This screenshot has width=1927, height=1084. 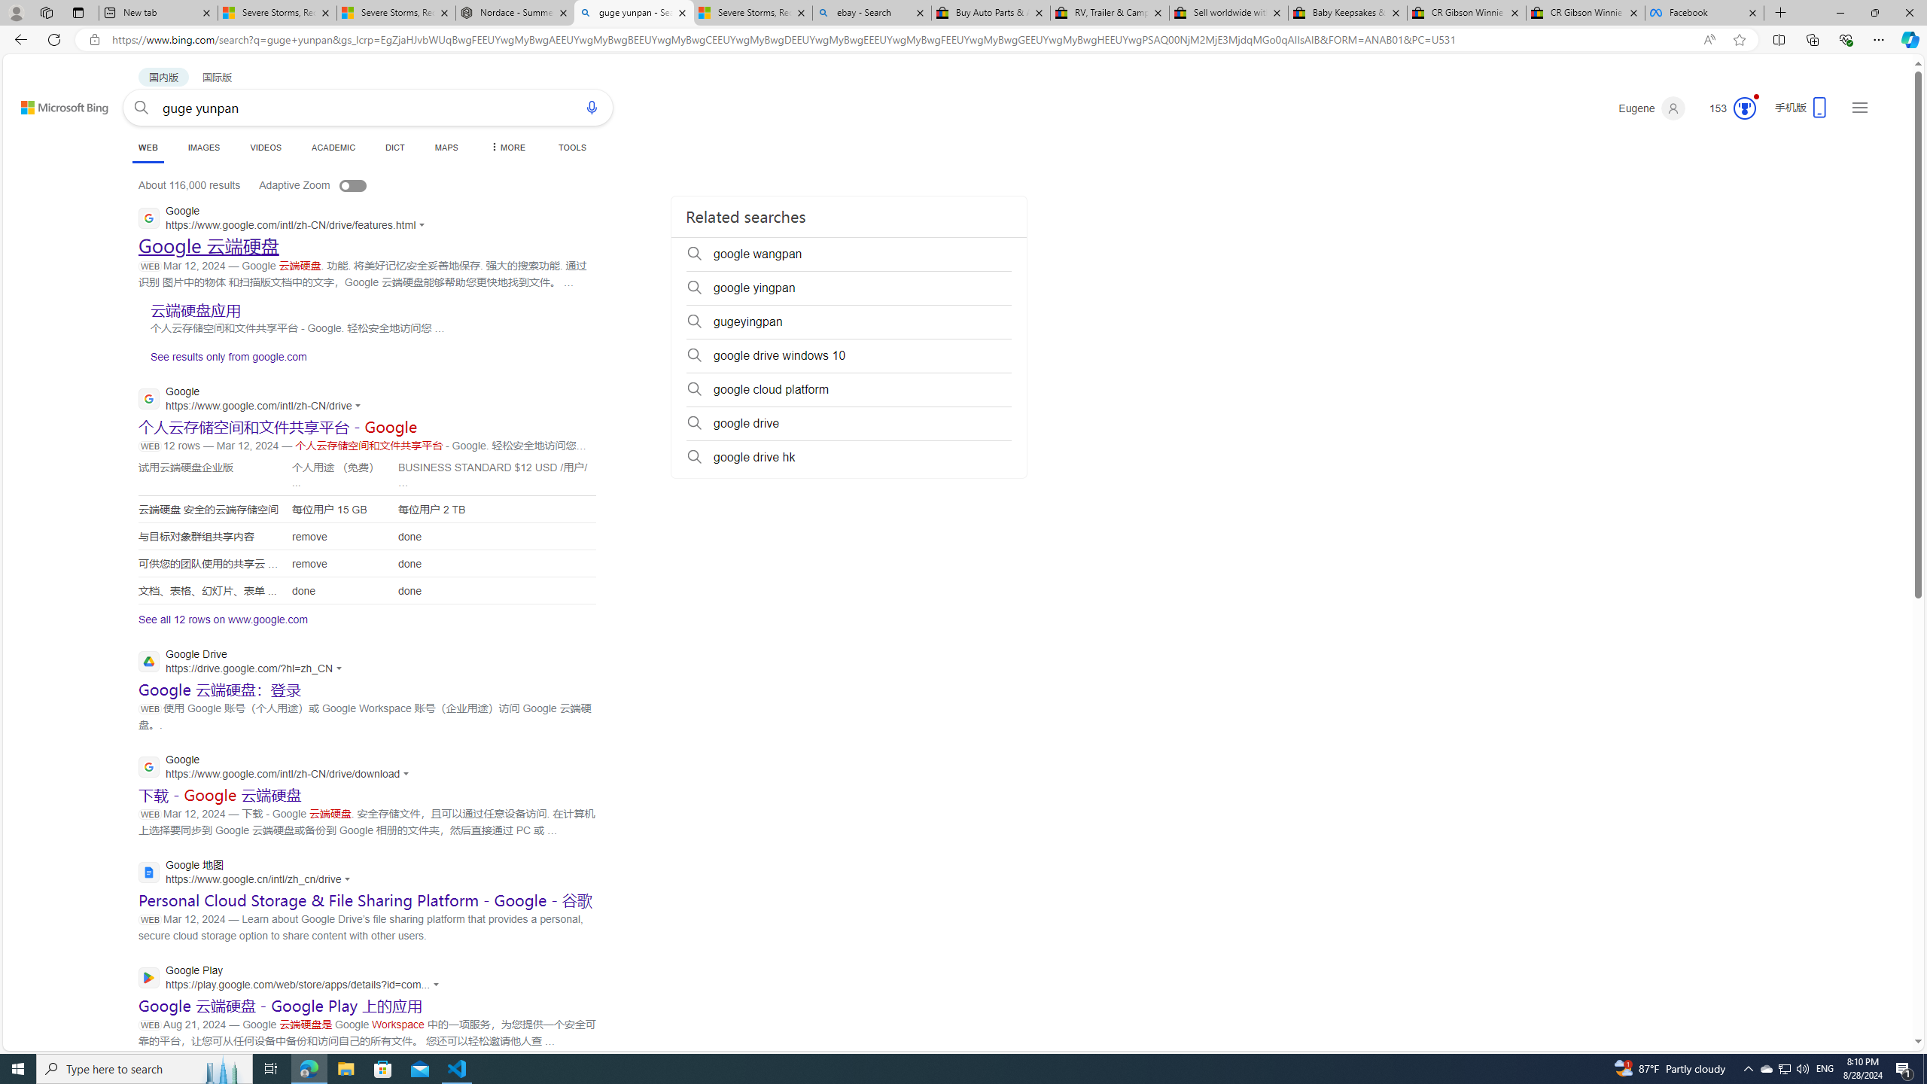 I want to click on 'Buy Auto Parts & Accessories | eBay', so click(x=989, y=12).